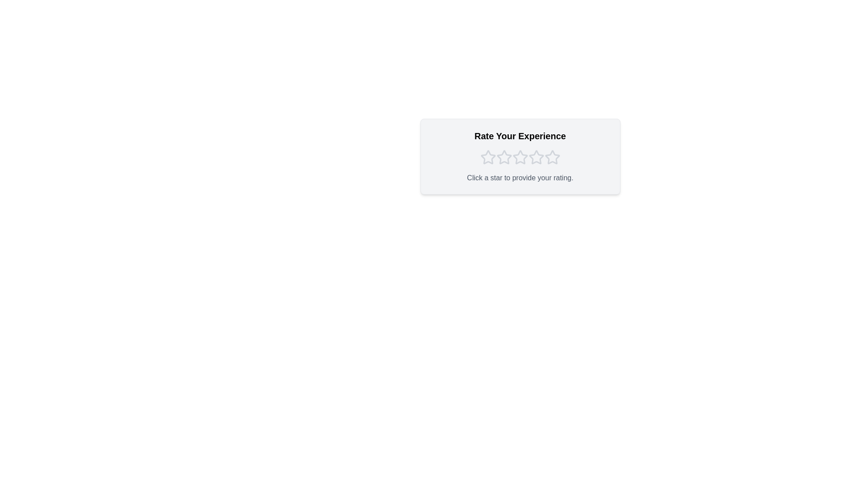 This screenshot has height=482, width=857. I want to click on the star corresponding to 3 to preview the selection, so click(520, 157).